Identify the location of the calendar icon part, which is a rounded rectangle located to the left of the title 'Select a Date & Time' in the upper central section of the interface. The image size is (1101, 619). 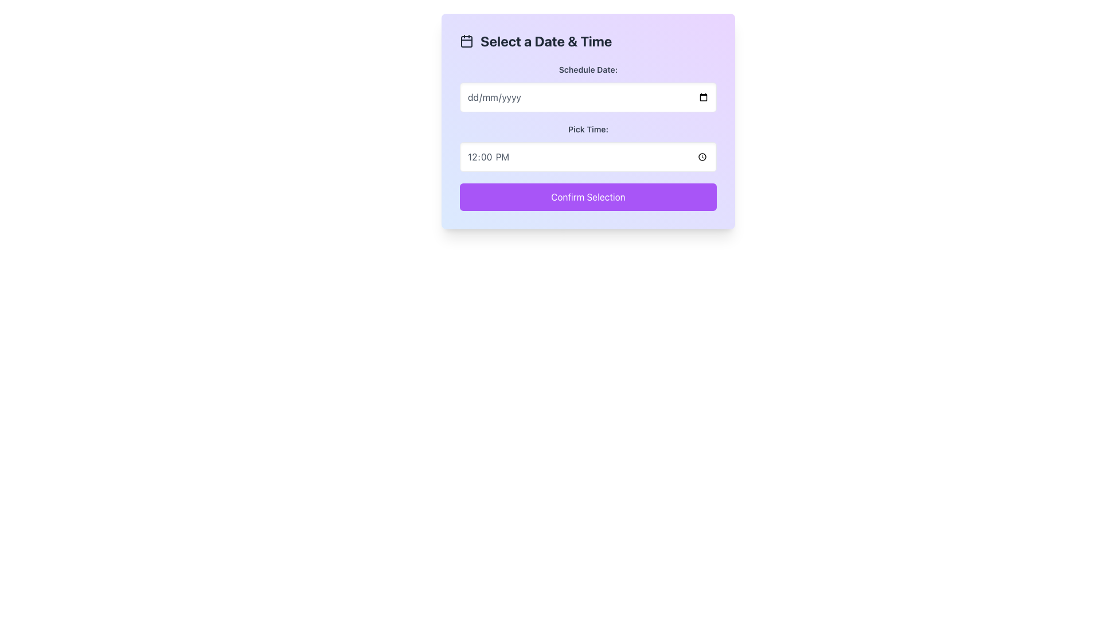
(467, 41).